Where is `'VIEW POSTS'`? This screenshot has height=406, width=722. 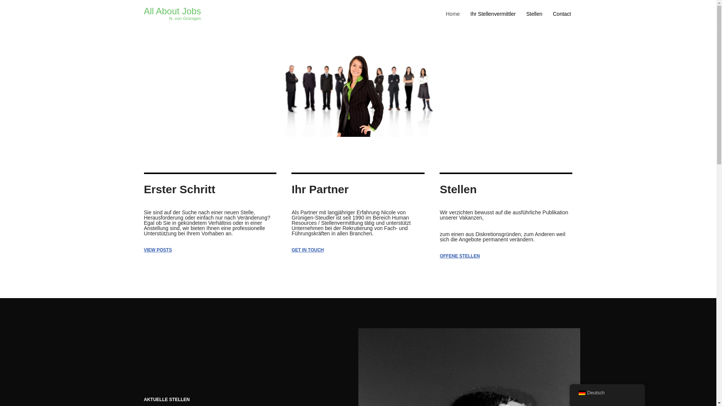 'VIEW POSTS' is located at coordinates (157, 250).